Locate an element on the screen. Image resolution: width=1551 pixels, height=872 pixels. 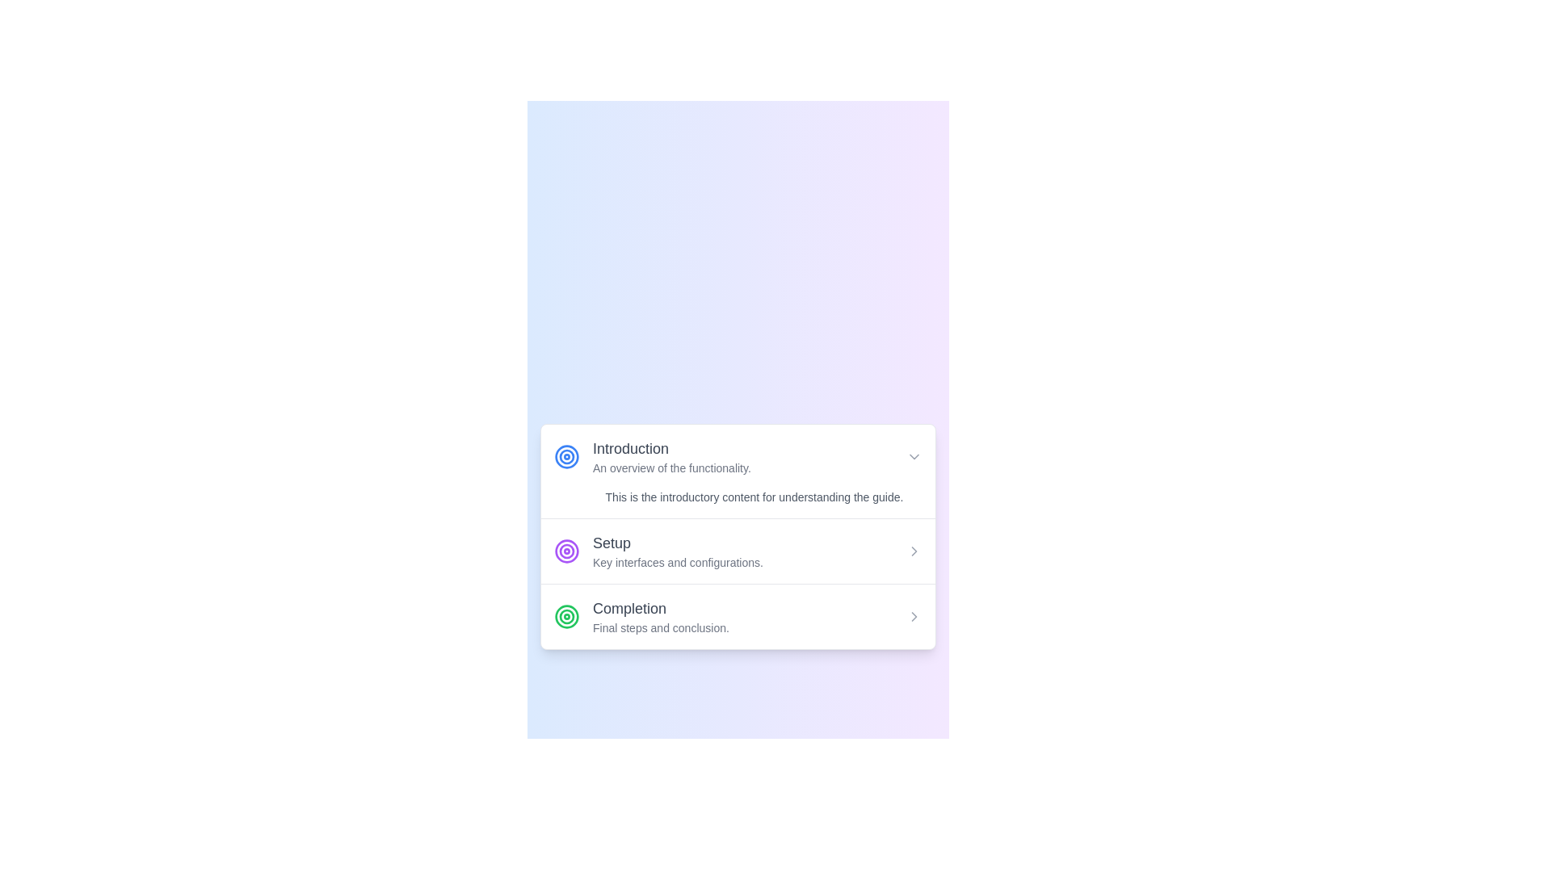
the outermost circular outline of the purple target icon located before the 'Setup' label in the interface is located at coordinates (566, 550).